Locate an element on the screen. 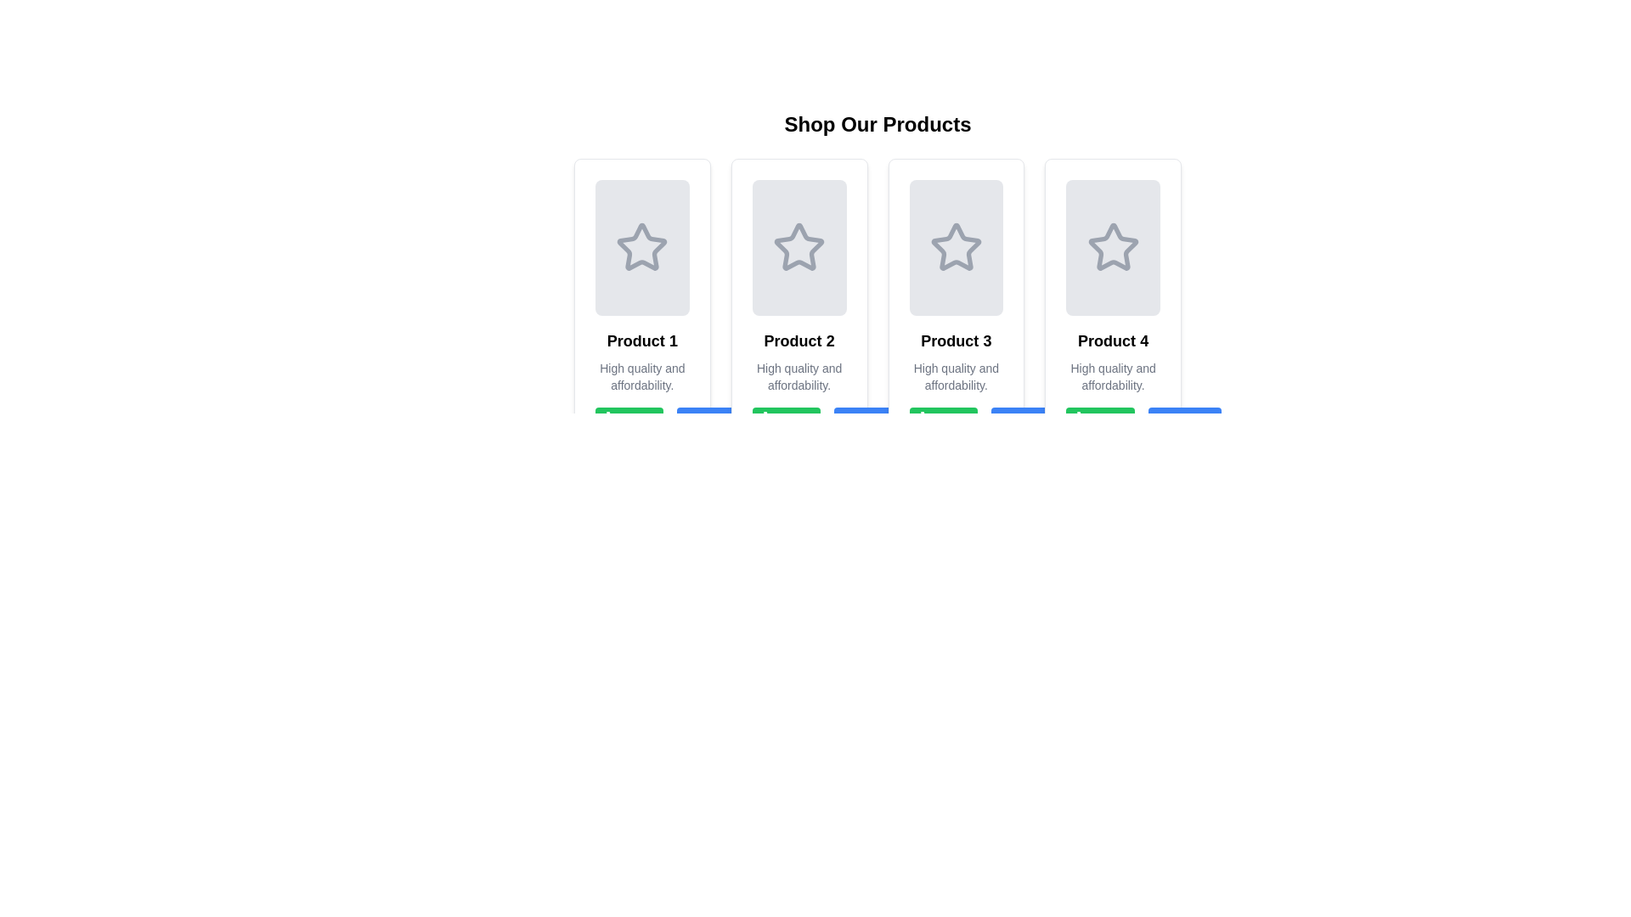 This screenshot has width=1631, height=917. the eye icon located to the left of the text 'View' within the button in the bottom section of the first product card is located at coordinates (697, 420).